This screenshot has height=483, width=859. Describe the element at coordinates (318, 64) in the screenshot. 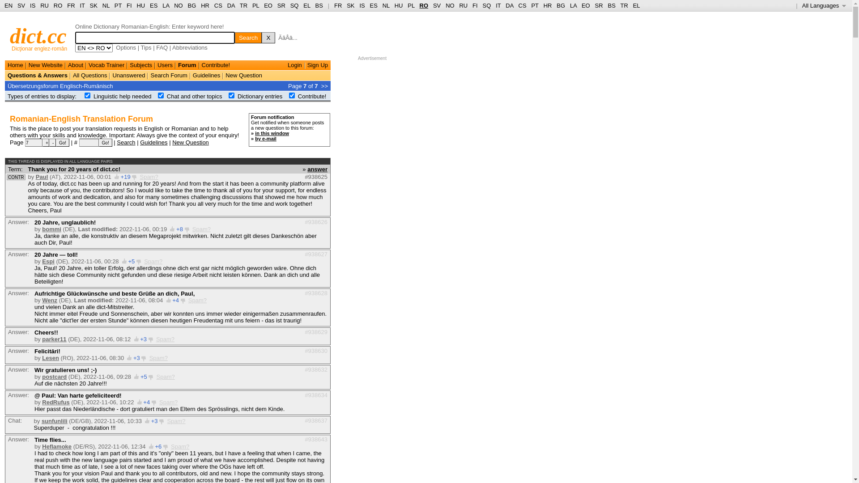

I see `'Sign Up'` at that location.